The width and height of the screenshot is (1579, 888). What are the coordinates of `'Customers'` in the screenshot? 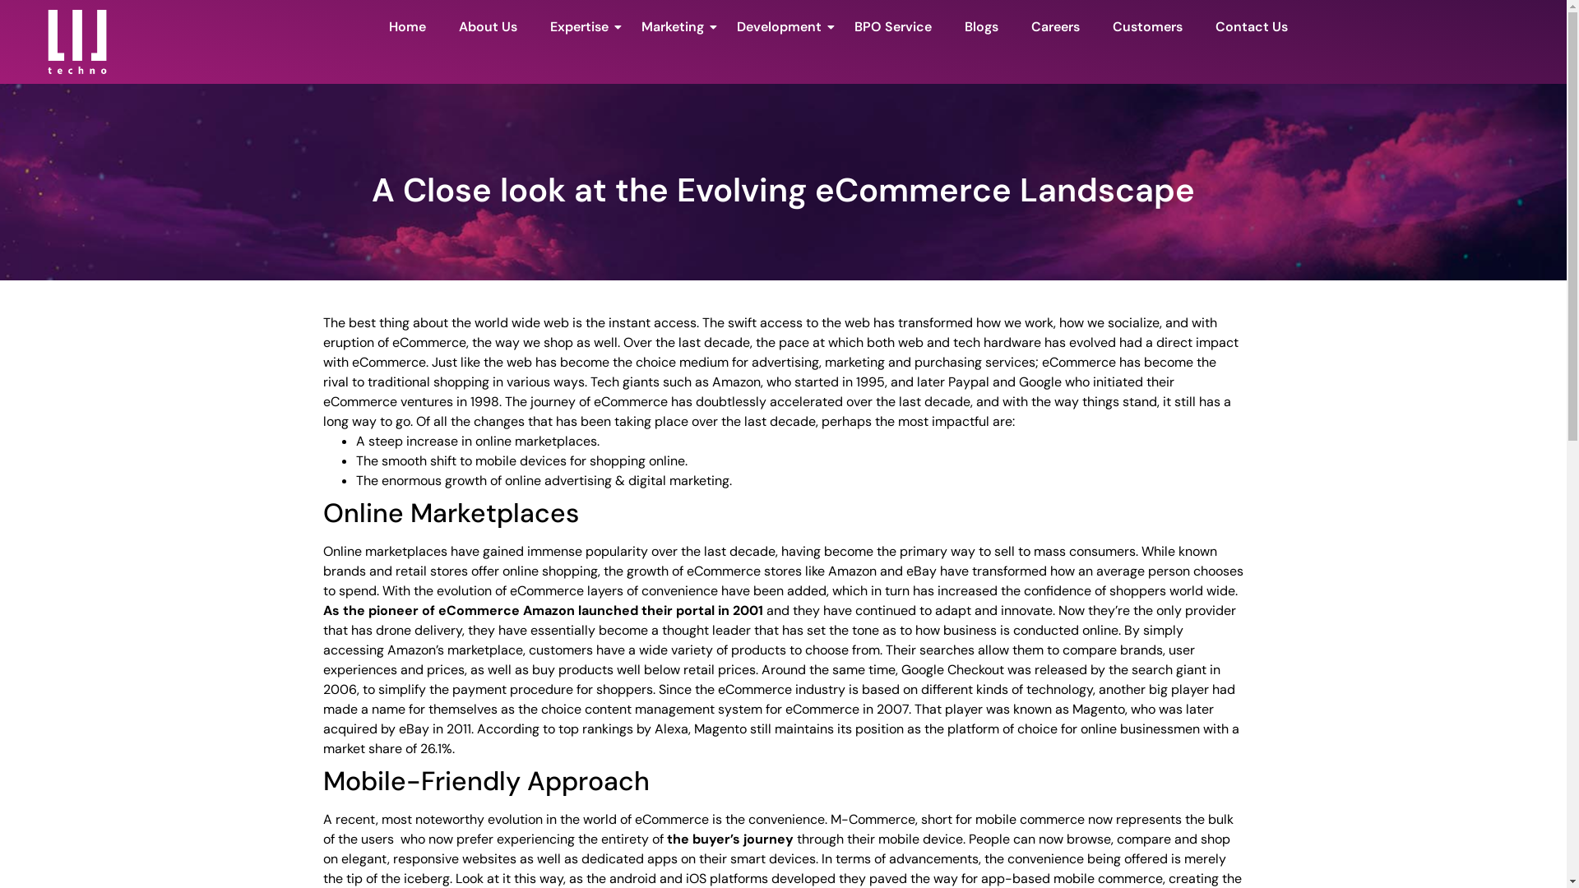 It's located at (1146, 28).